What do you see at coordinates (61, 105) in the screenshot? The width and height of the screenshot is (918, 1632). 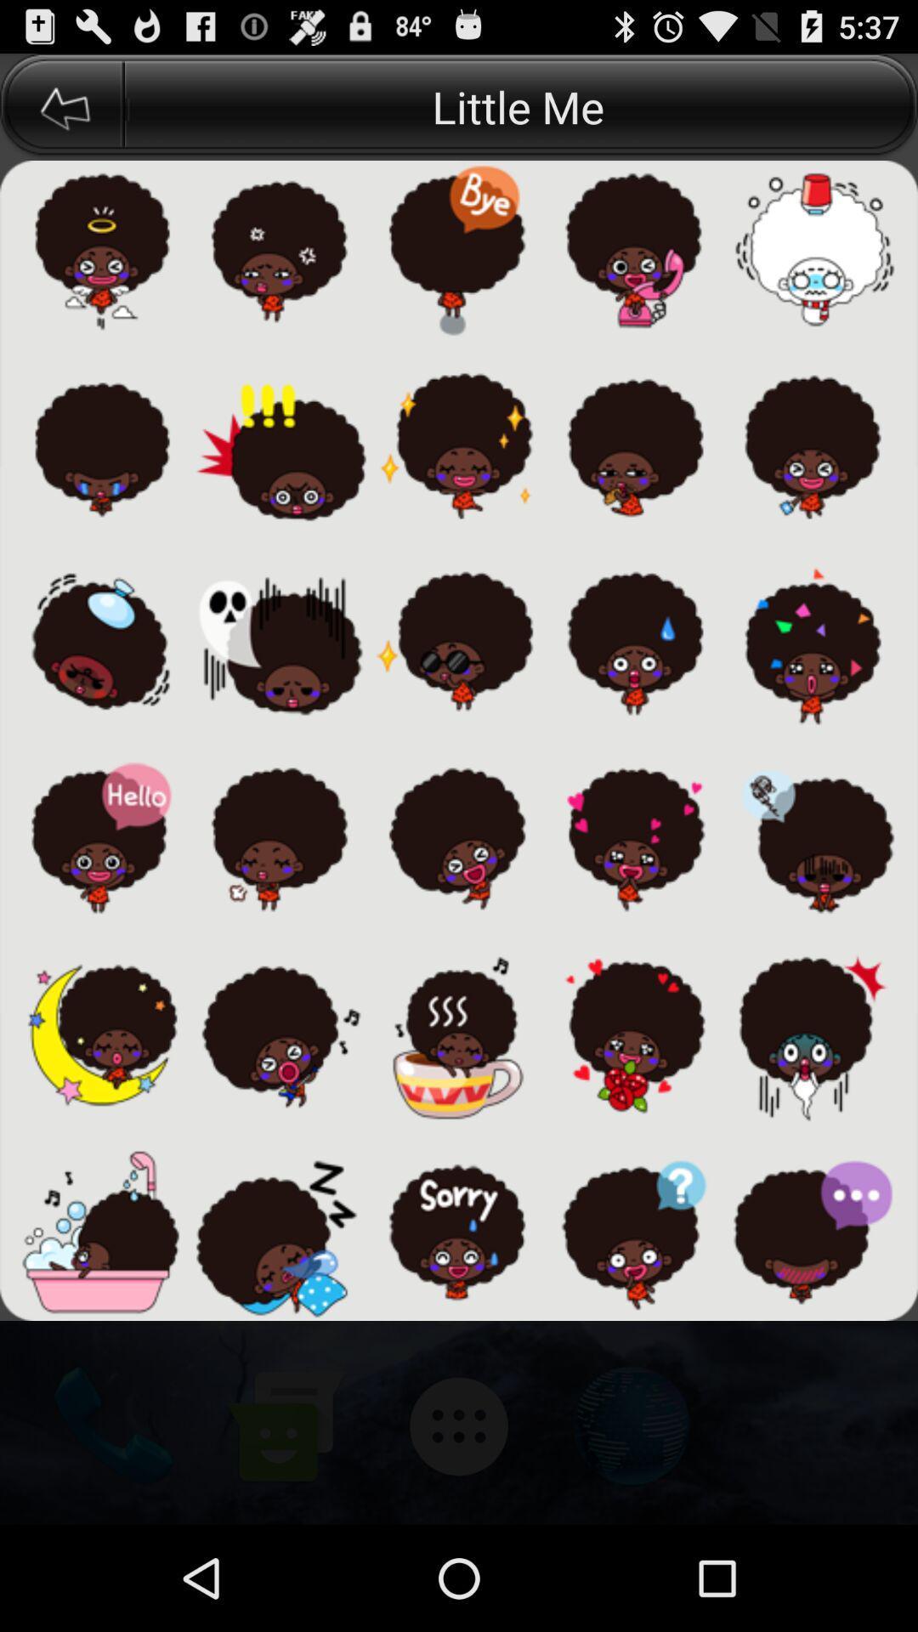 I see `the button to the left of little me button` at bounding box center [61, 105].